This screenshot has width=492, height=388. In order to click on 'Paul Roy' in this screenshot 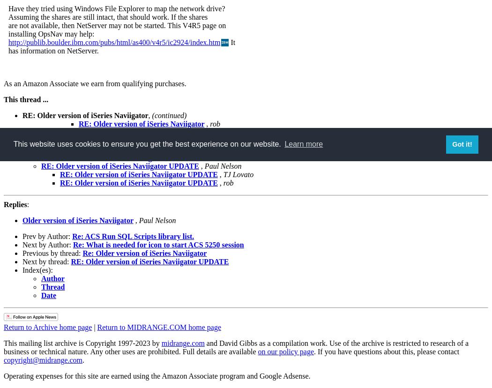, I will do `click(184, 141)`.